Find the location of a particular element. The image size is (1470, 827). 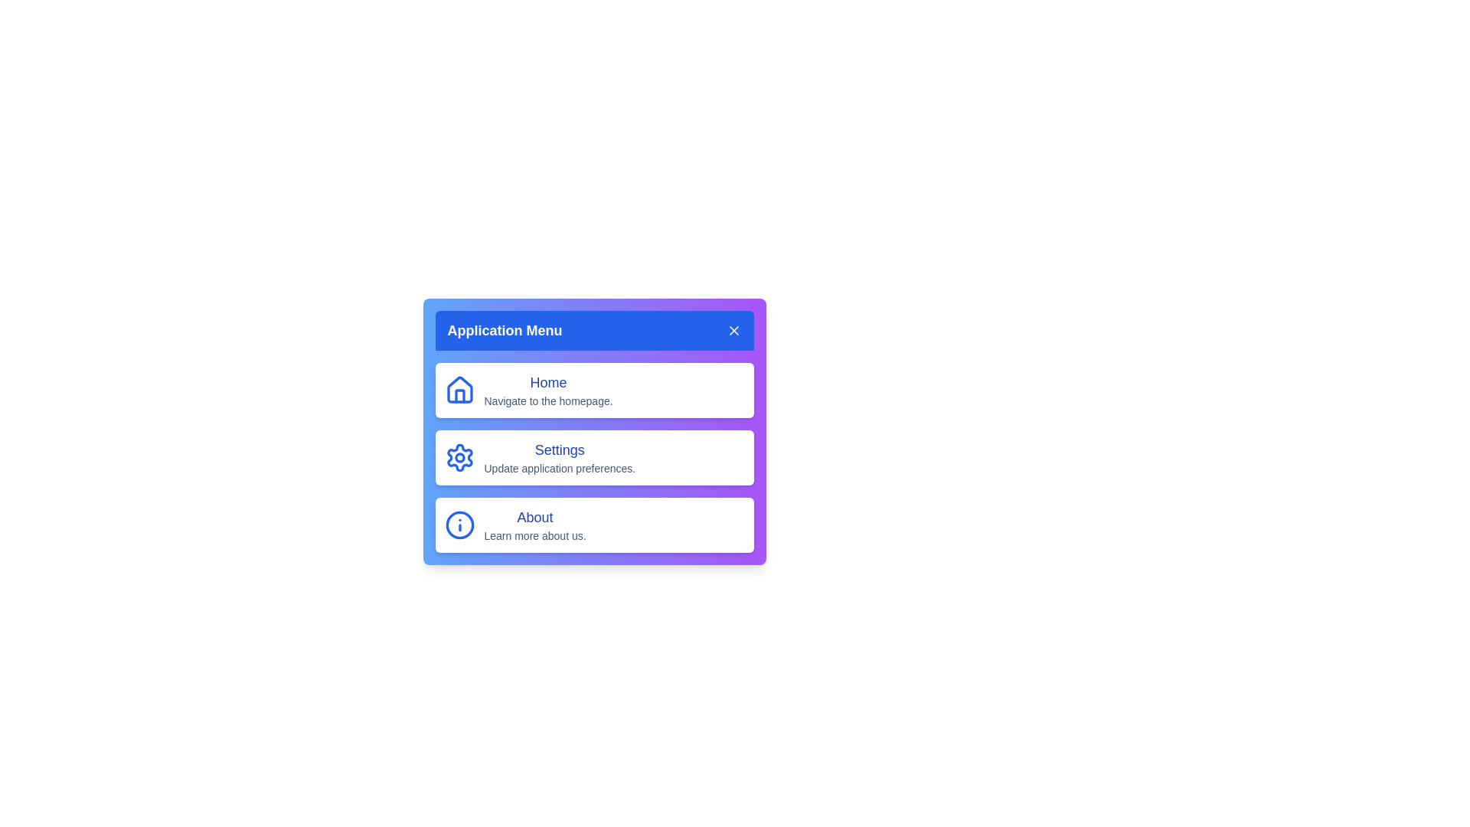

the menu item About and interact with it is located at coordinates (593, 525).